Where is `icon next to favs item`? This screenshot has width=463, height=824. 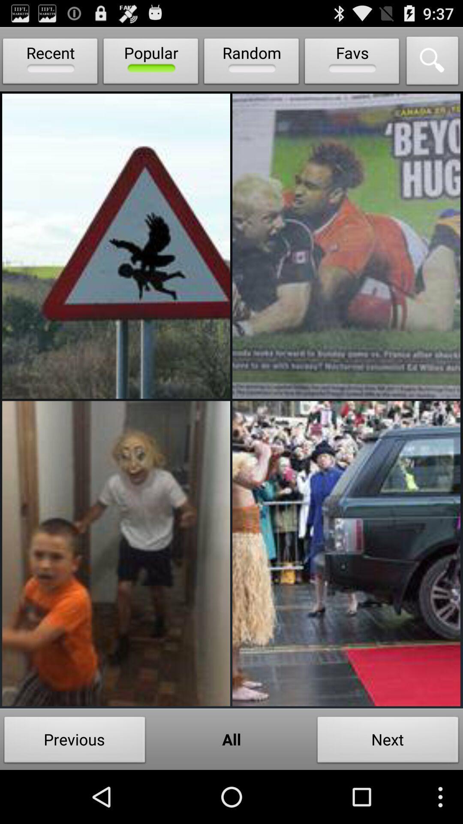
icon next to favs item is located at coordinates (433, 63).